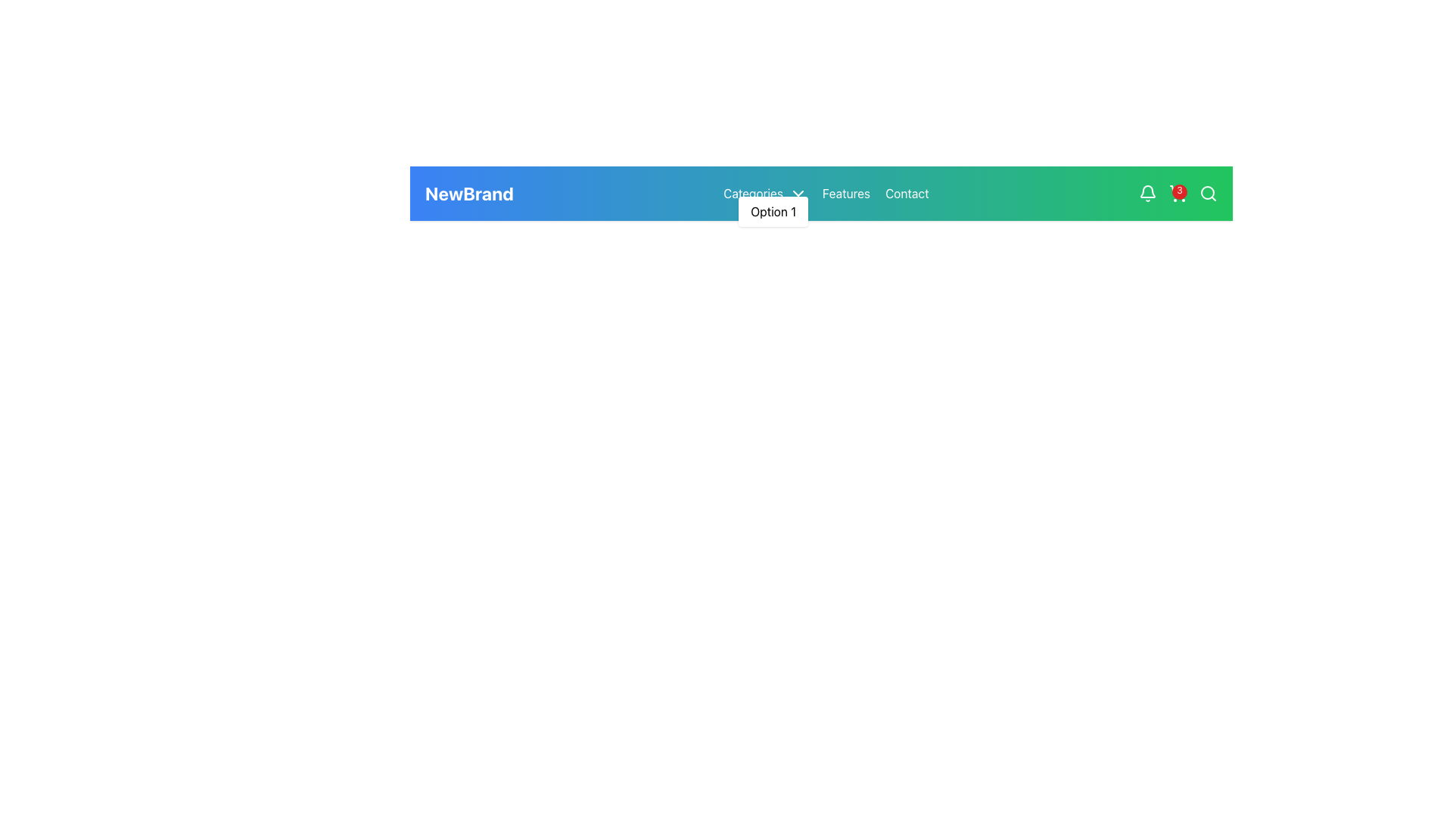  What do you see at coordinates (773, 212) in the screenshot?
I see `the 'Option 1' link located` at bounding box center [773, 212].